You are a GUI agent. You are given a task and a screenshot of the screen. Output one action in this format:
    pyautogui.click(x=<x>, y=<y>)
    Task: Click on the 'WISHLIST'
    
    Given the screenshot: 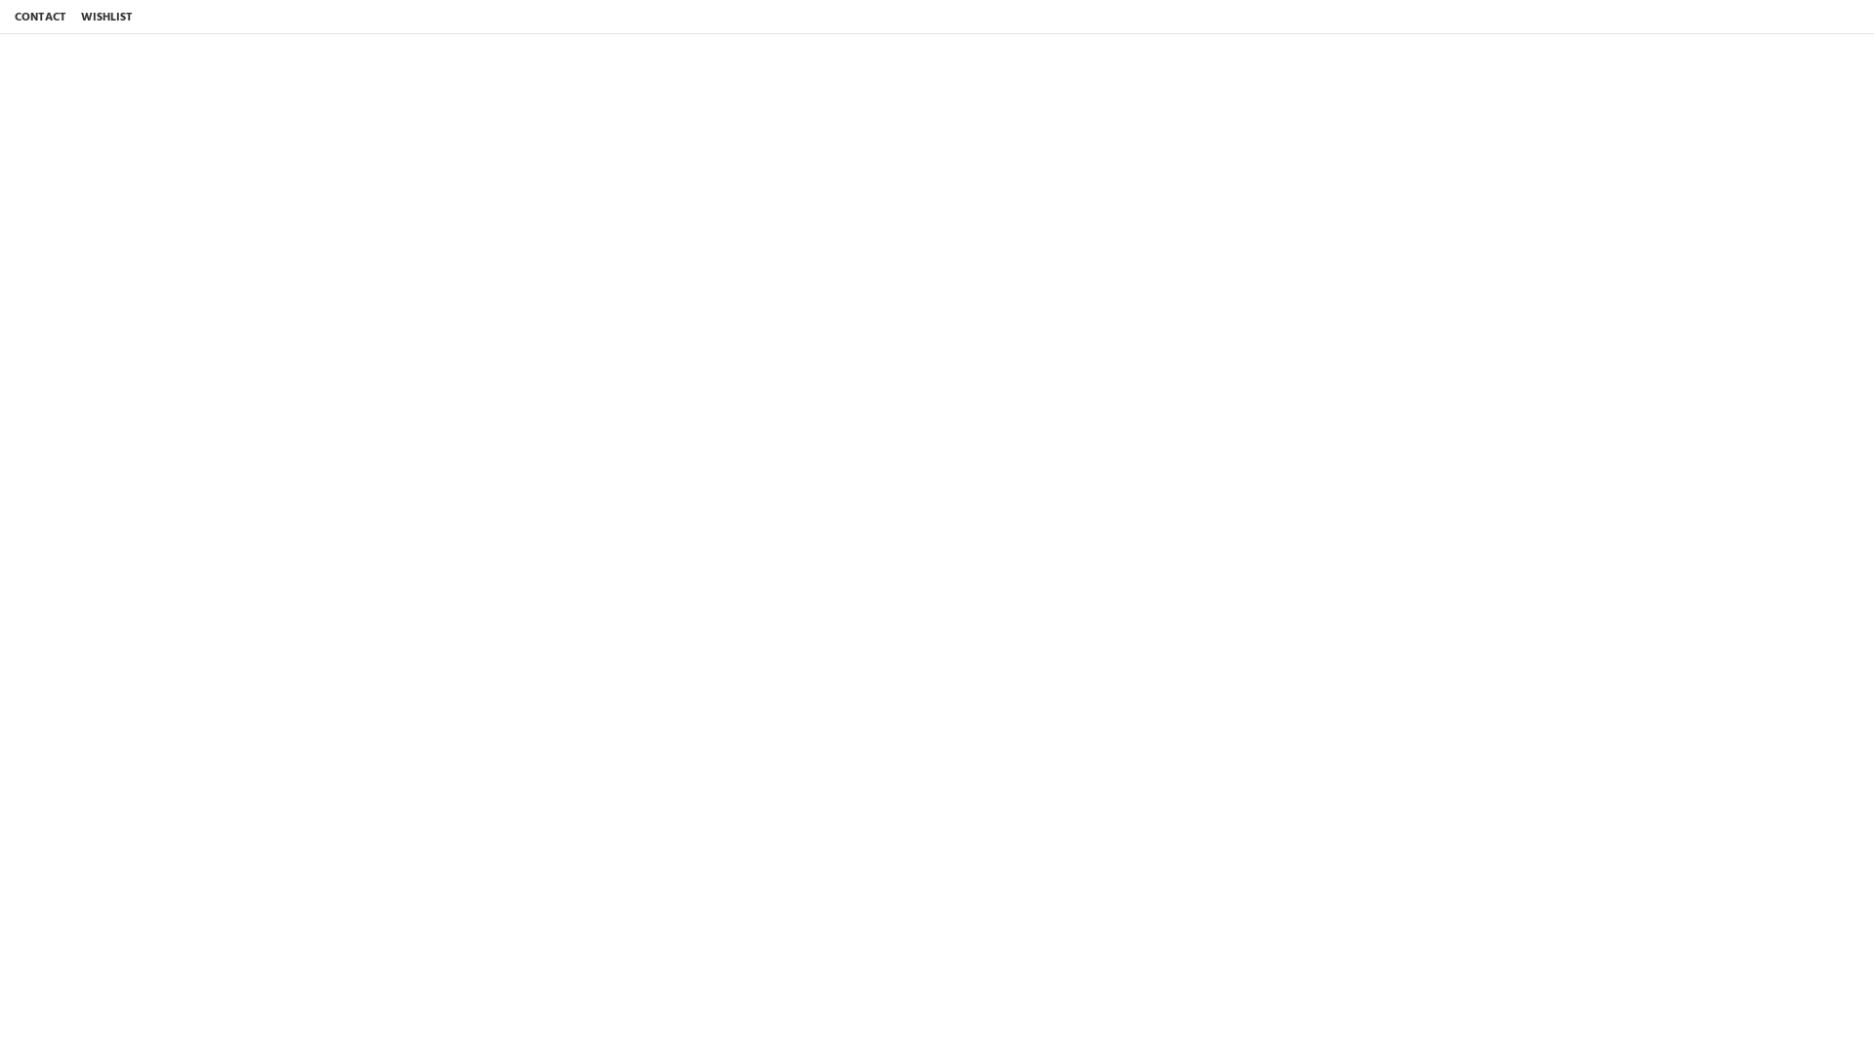 What is the action you would take?
    pyautogui.click(x=105, y=17)
    